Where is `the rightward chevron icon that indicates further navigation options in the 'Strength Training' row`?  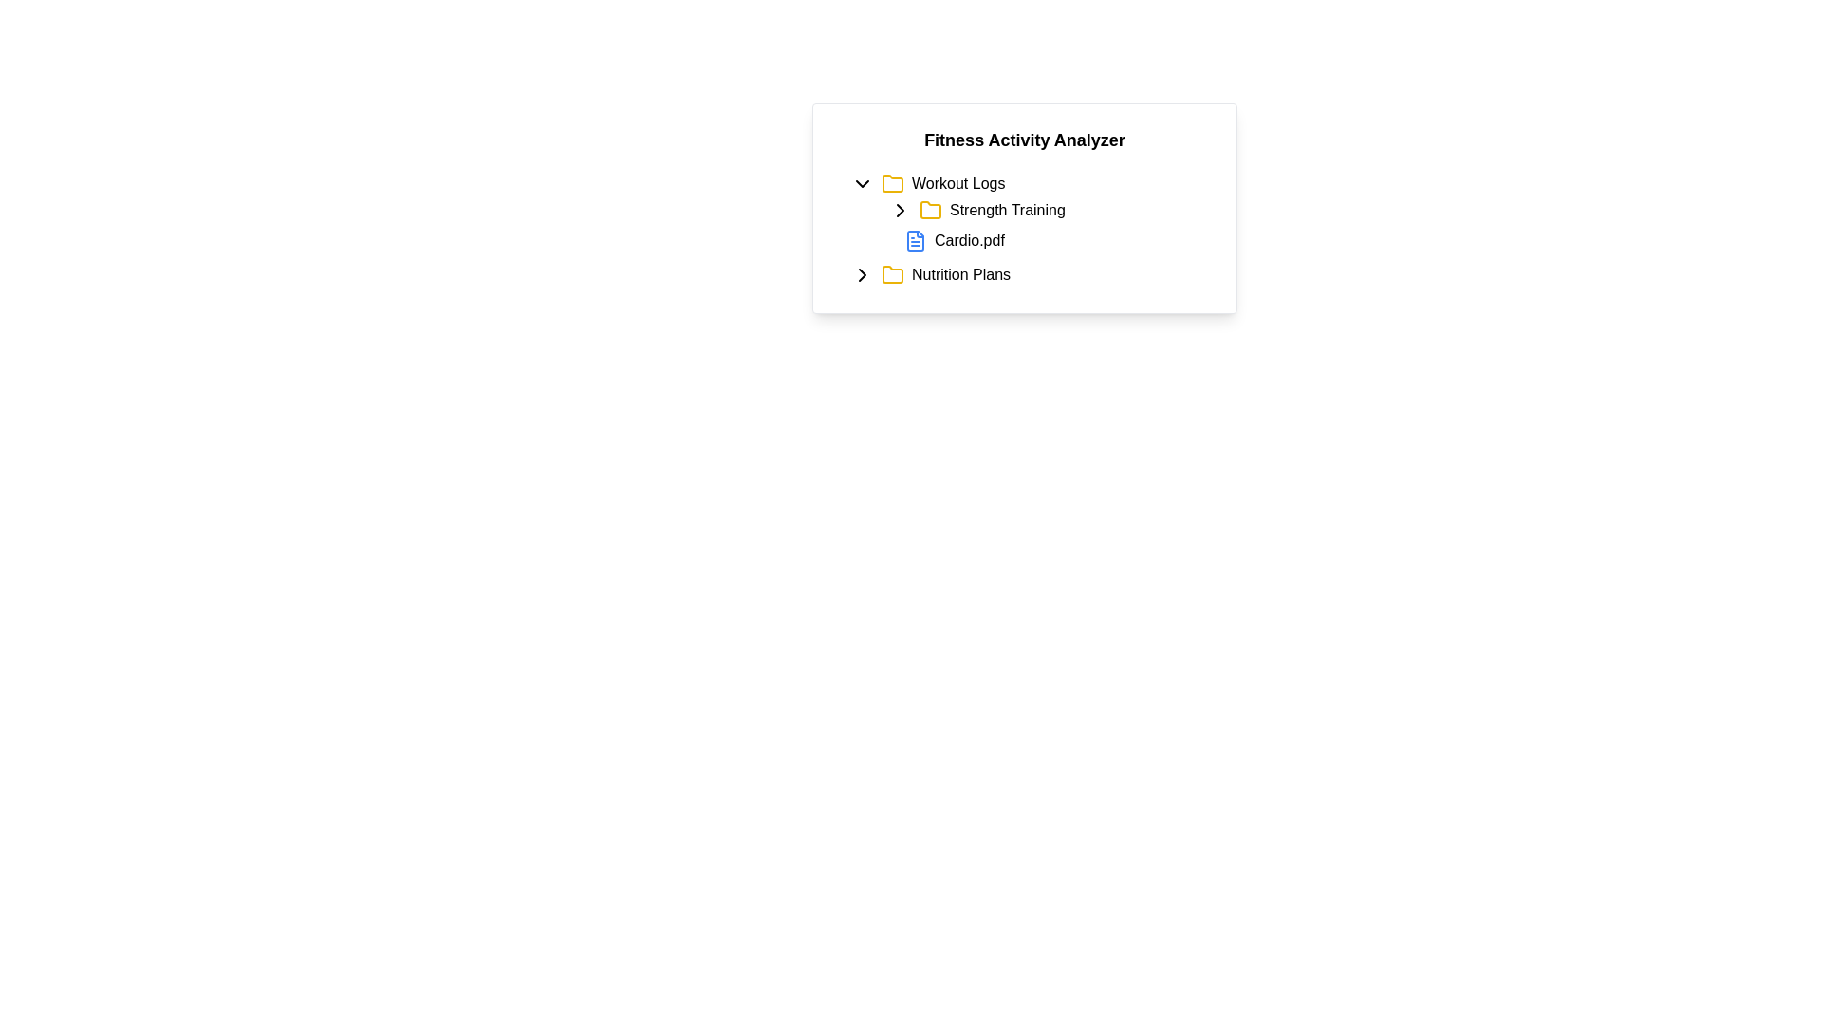
the rightward chevron icon that indicates further navigation options in the 'Strength Training' row is located at coordinates (900, 211).